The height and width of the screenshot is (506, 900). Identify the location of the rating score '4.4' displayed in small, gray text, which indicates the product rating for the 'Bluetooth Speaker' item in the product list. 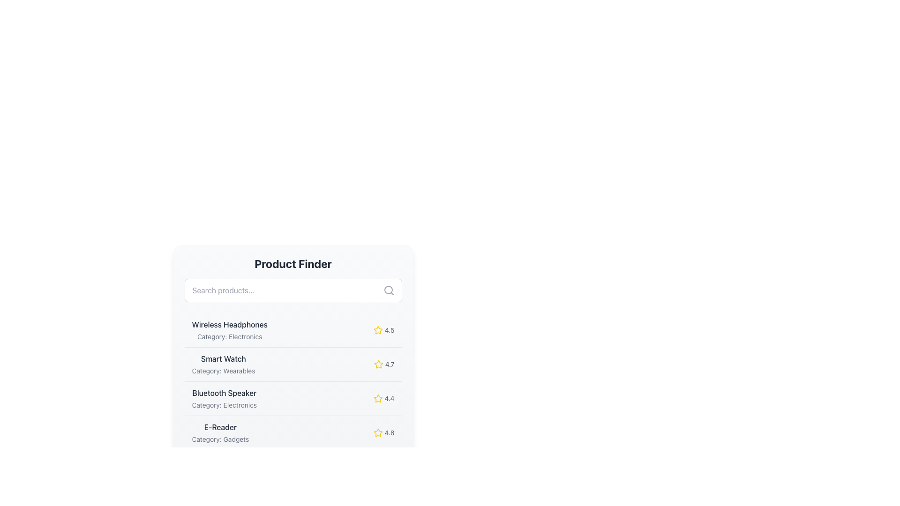
(390, 399).